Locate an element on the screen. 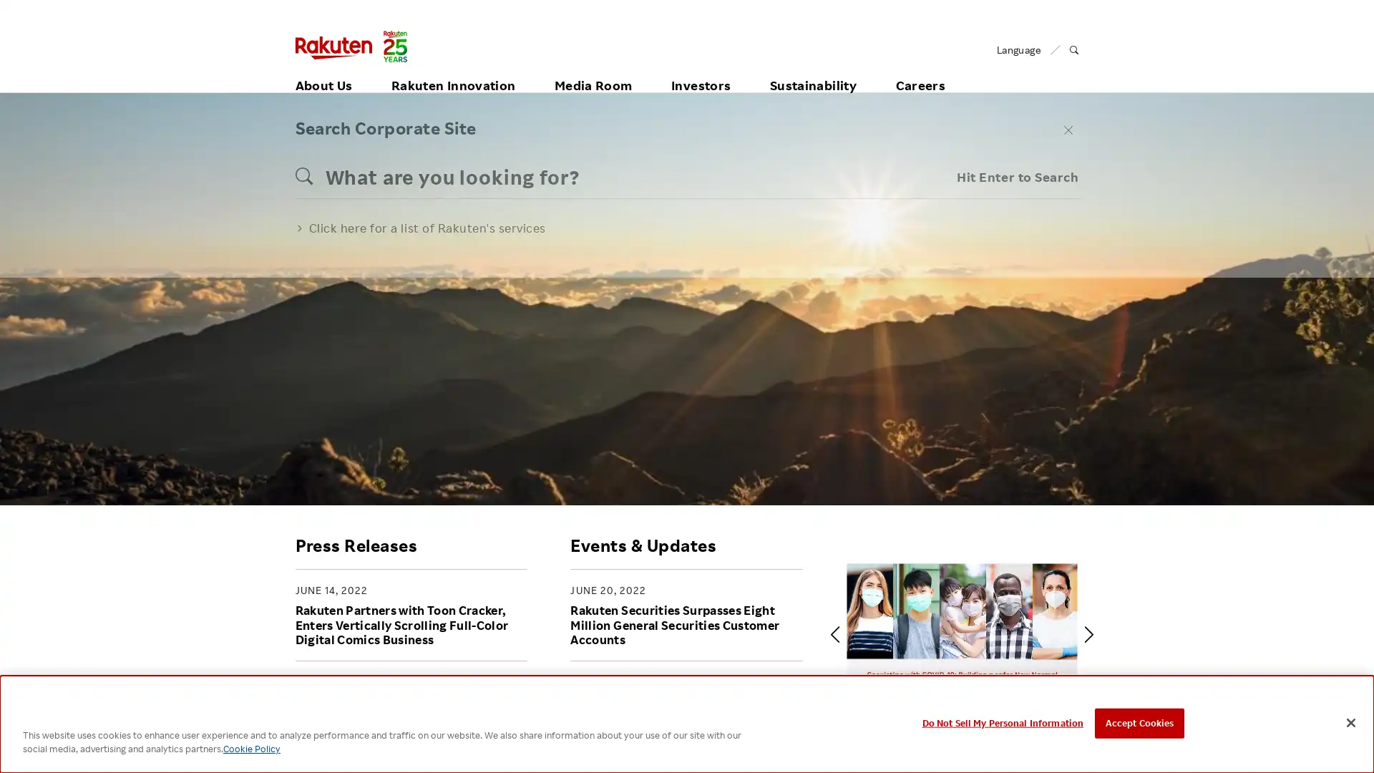  Do Not Sell My Personal Information is located at coordinates (1002, 723).